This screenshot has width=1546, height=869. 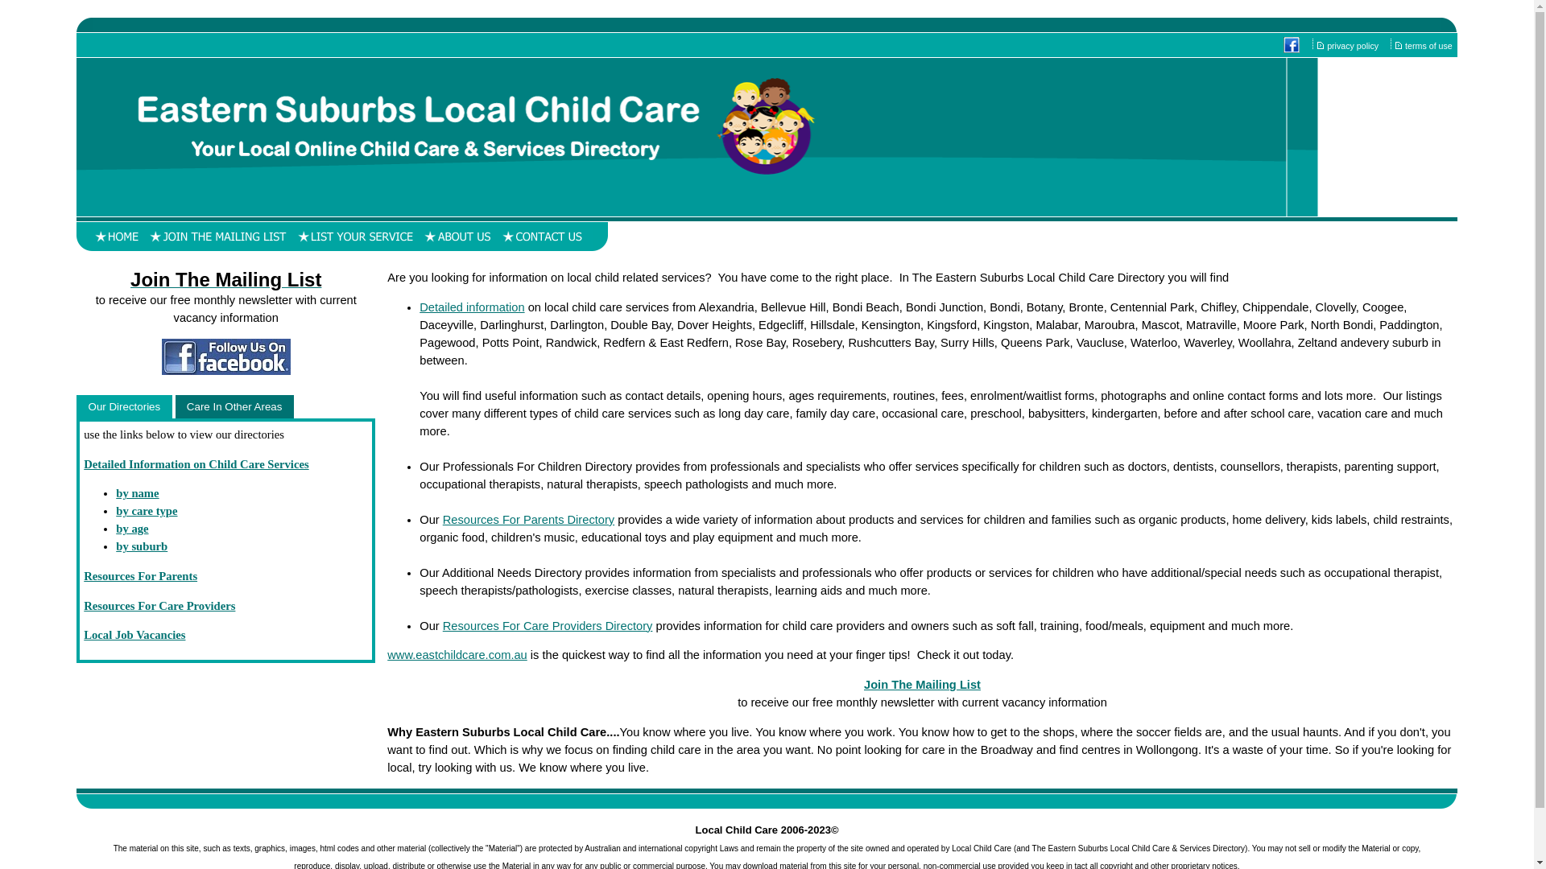 I want to click on 'Resources For Parents Directory', so click(x=443, y=519).